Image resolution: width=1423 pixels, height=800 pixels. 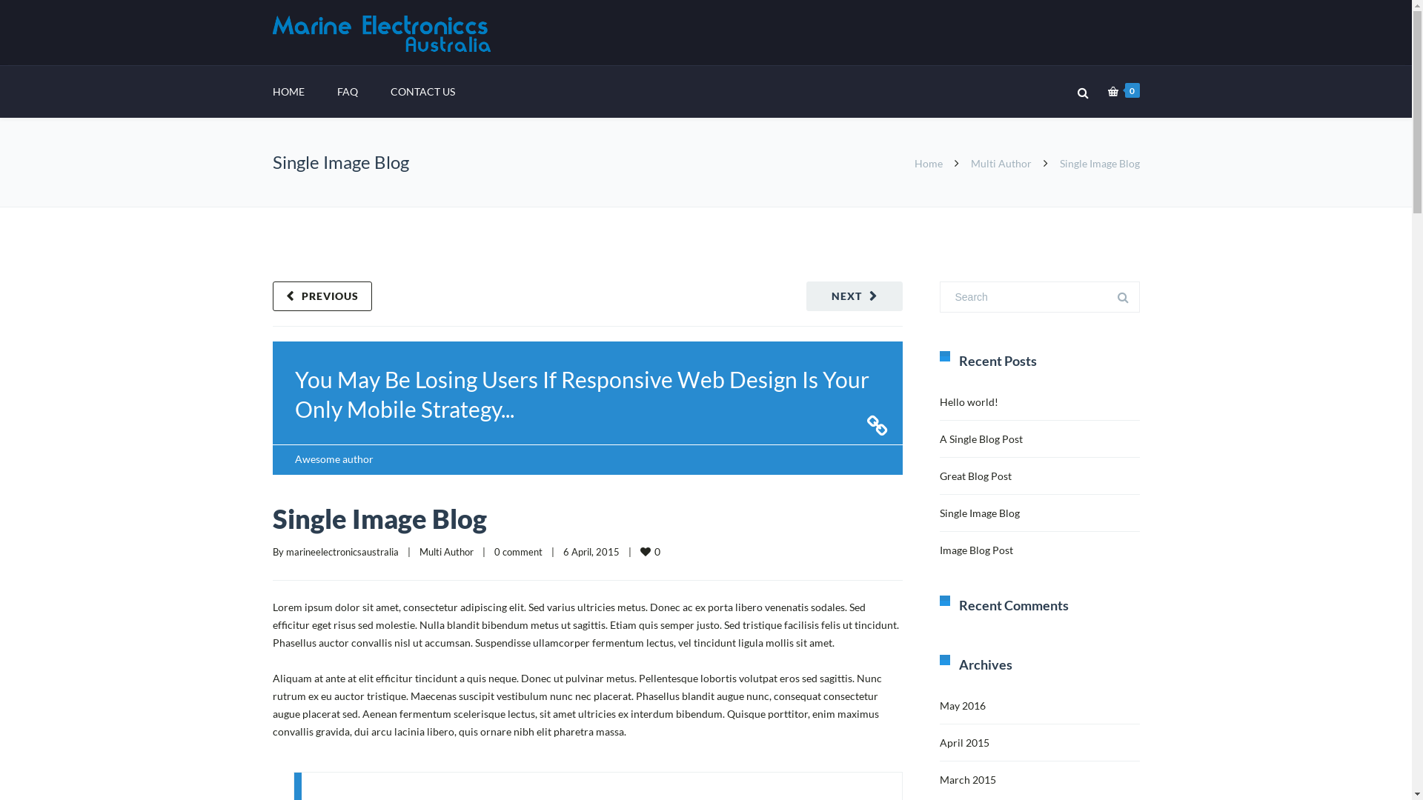 I want to click on 'May 2016', so click(x=963, y=704).